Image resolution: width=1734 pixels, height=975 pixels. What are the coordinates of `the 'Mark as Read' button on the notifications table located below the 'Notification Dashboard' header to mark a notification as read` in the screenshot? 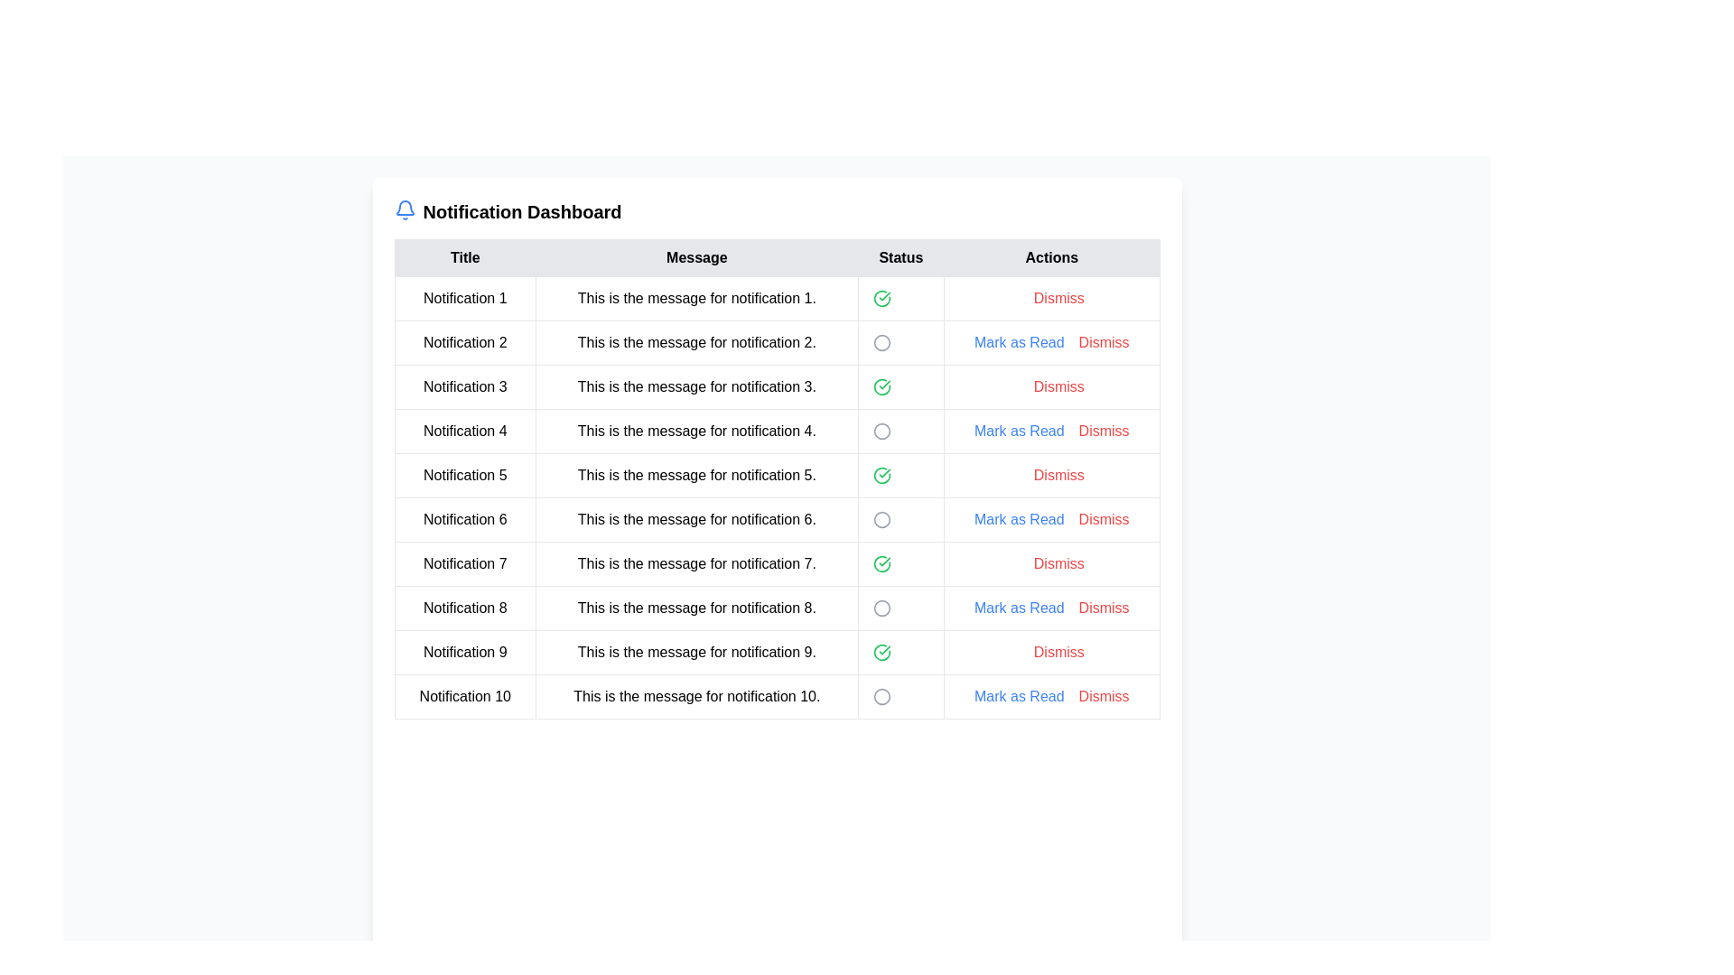 It's located at (777, 478).